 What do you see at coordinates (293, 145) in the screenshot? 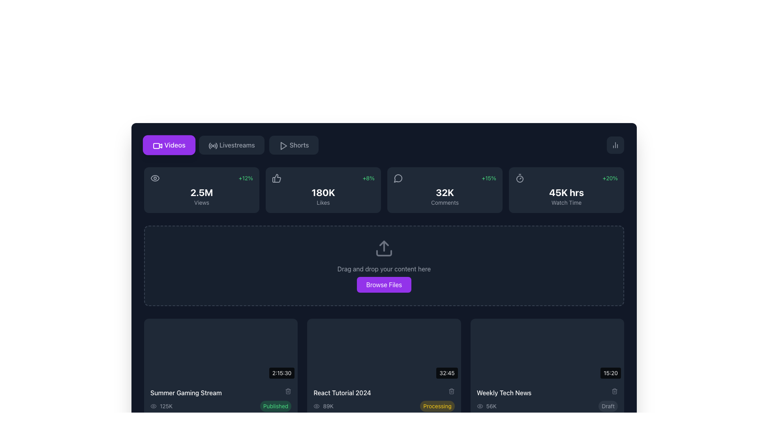
I see `the navigation button for Shorts content located in the top navigation bar, positioned between the 'Livestreams' and 'Videos' buttons` at bounding box center [293, 145].